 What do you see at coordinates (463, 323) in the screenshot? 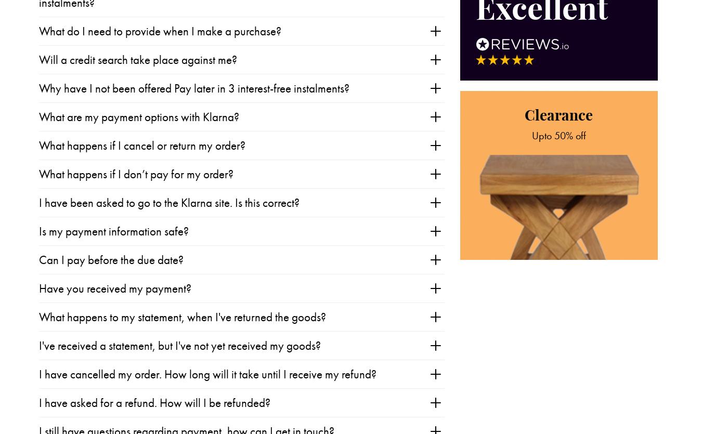
I see `'Support the British Heart Foundation by donating your old furniture.'` at bounding box center [463, 323].